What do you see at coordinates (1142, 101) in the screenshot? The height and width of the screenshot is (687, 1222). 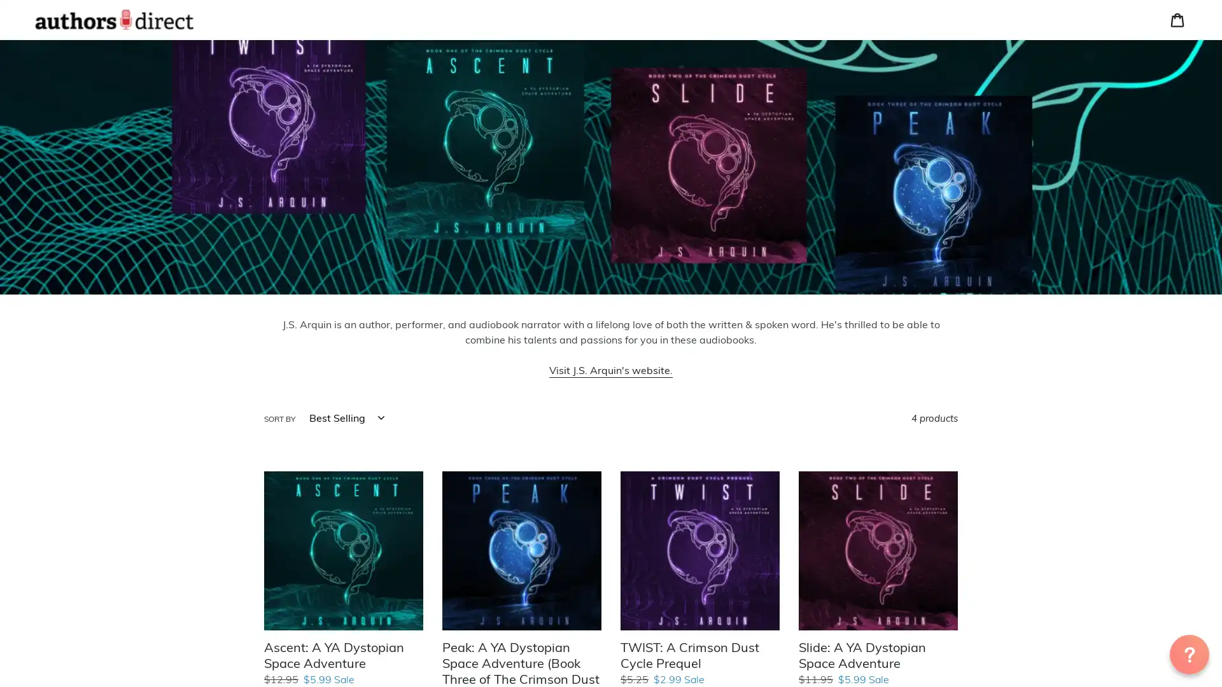 I see `Accept` at bounding box center [1142, 101].